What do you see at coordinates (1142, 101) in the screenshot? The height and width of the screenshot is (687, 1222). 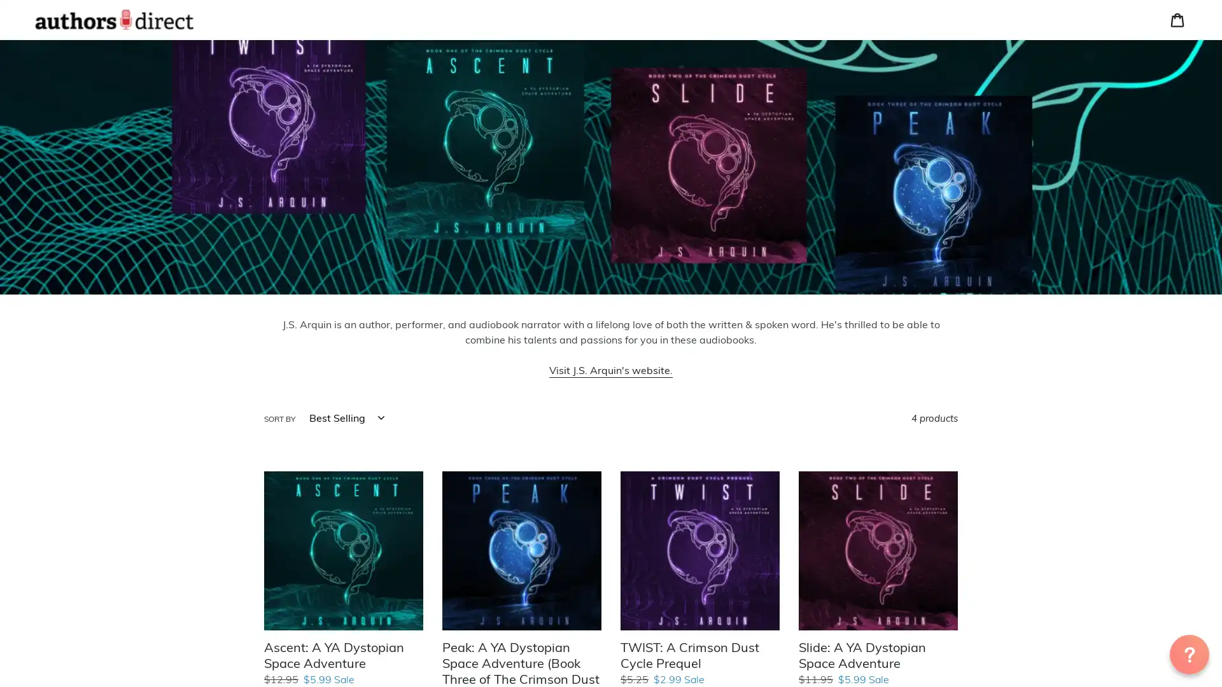 I see `Accept` at bounding box center [1142, 101].